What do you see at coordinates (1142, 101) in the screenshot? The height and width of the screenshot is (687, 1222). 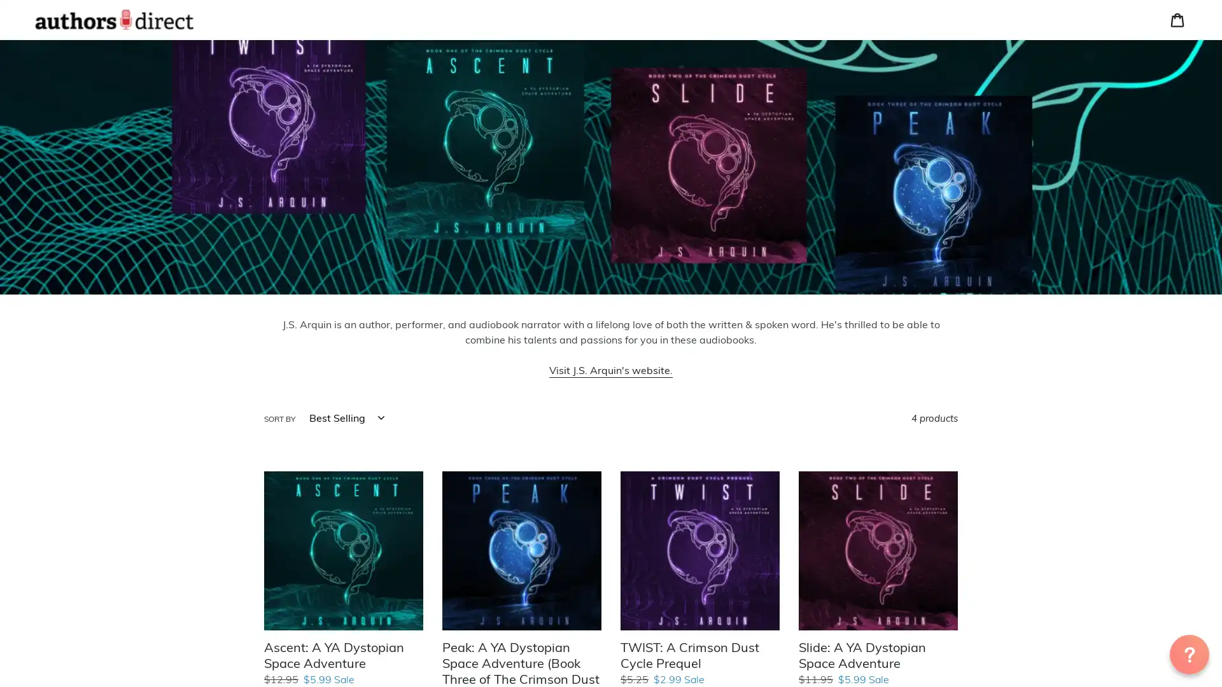 I see `Accept` at bounding box center [1142, 101].